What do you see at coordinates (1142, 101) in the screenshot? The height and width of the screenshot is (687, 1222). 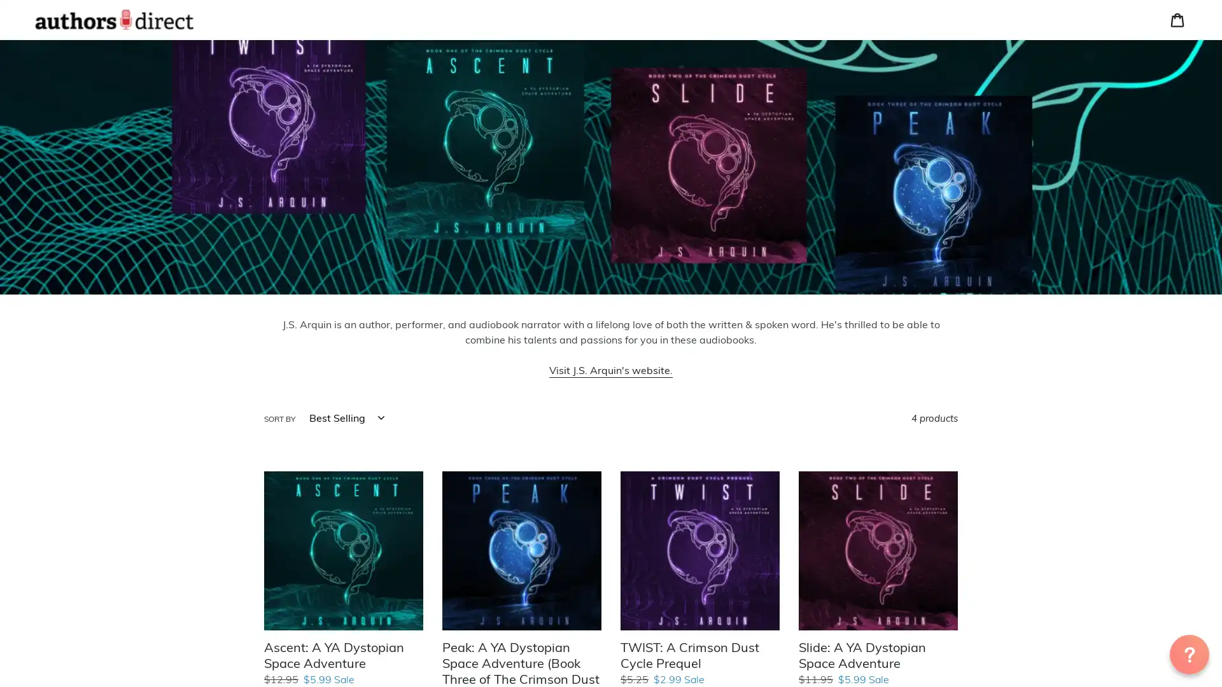 I see `Accept` at bounding box center [1142, 101].